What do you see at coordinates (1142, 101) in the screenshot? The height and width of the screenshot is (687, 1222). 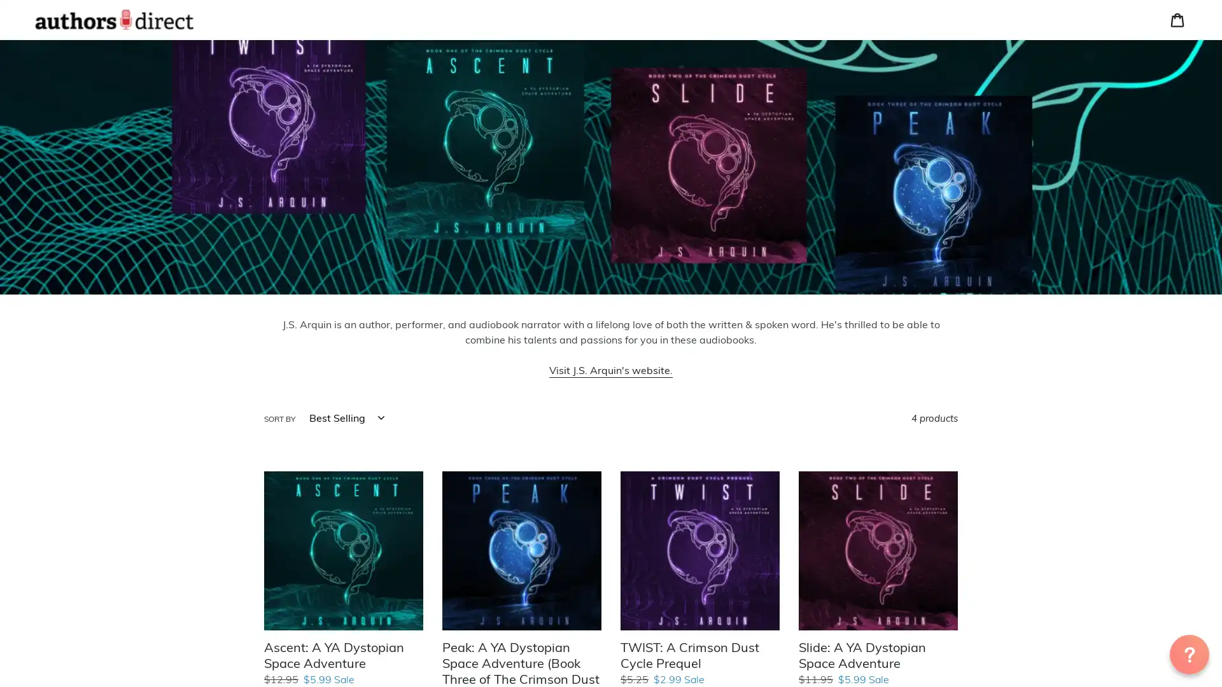 I see `Accept` at bounding box center [1142, 101].